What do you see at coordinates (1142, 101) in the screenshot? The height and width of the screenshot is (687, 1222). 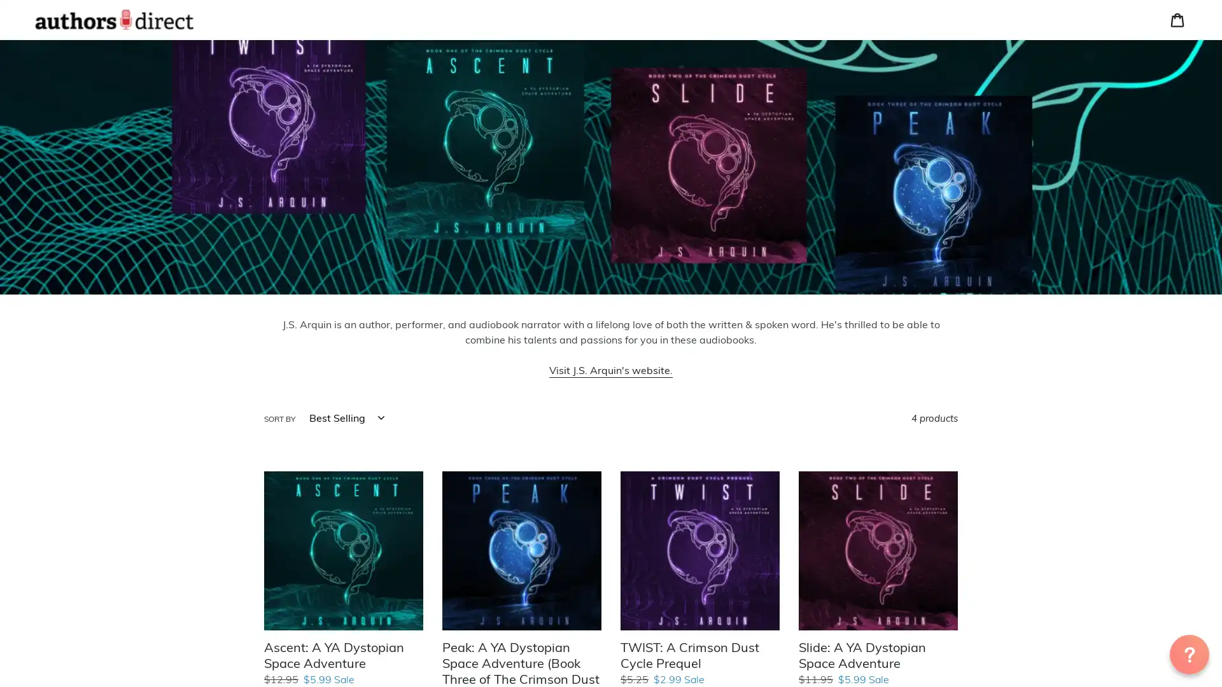 I see `Accept` at bounding box center [1142, 101].